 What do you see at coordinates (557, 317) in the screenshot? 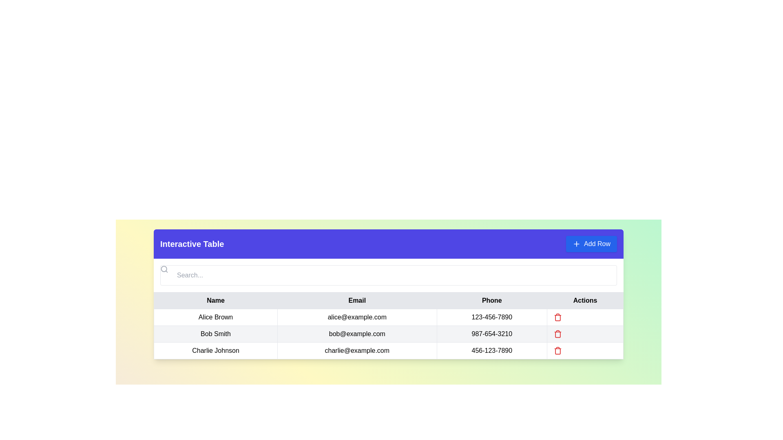
I see `the delete button located in the 'Actions' column of the second row in the data table, aligned with the email and phone details of 'Bob Smith'` at bounding box center [557, 317].